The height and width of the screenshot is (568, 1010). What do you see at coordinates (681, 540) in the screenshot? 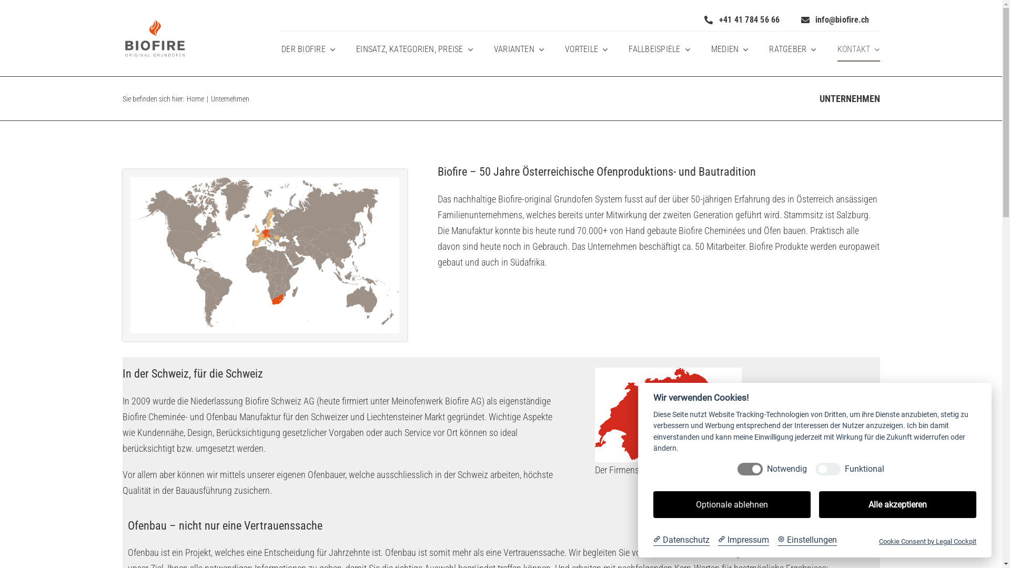
I see `'Datenschutz'` at bounding box center [681, 540].